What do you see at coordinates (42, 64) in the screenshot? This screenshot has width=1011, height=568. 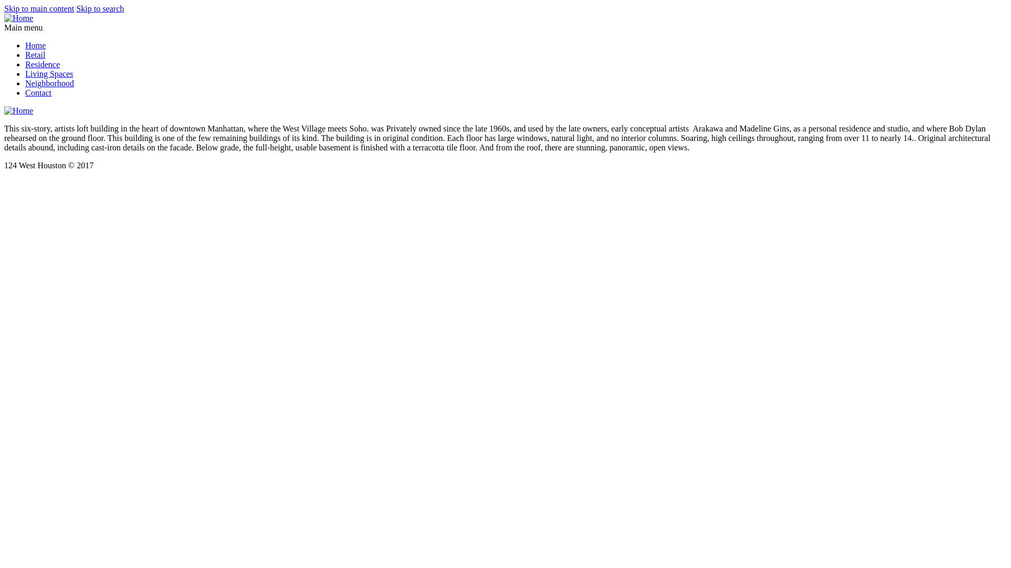 I see `'Residence'` at bounding box center [42, 64].